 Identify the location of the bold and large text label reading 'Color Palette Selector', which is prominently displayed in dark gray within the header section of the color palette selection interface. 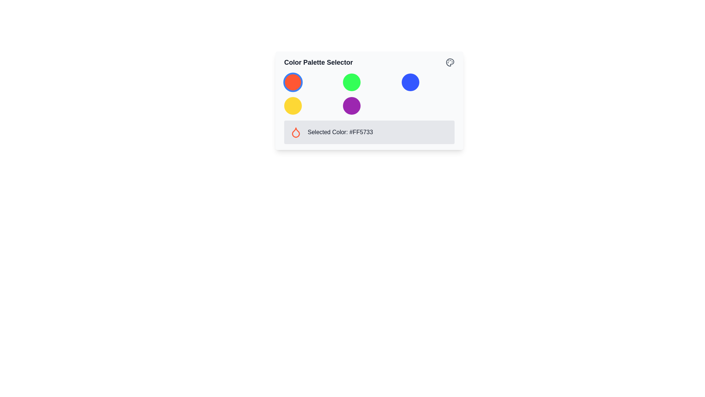
(318, 62).